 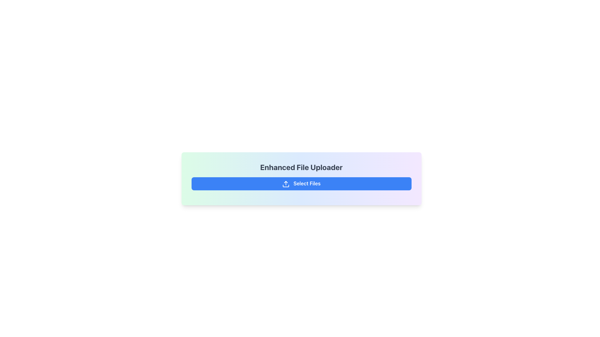 I want to click on the 'Select Files' button on the file upload interface, so click(x=301, y=178).